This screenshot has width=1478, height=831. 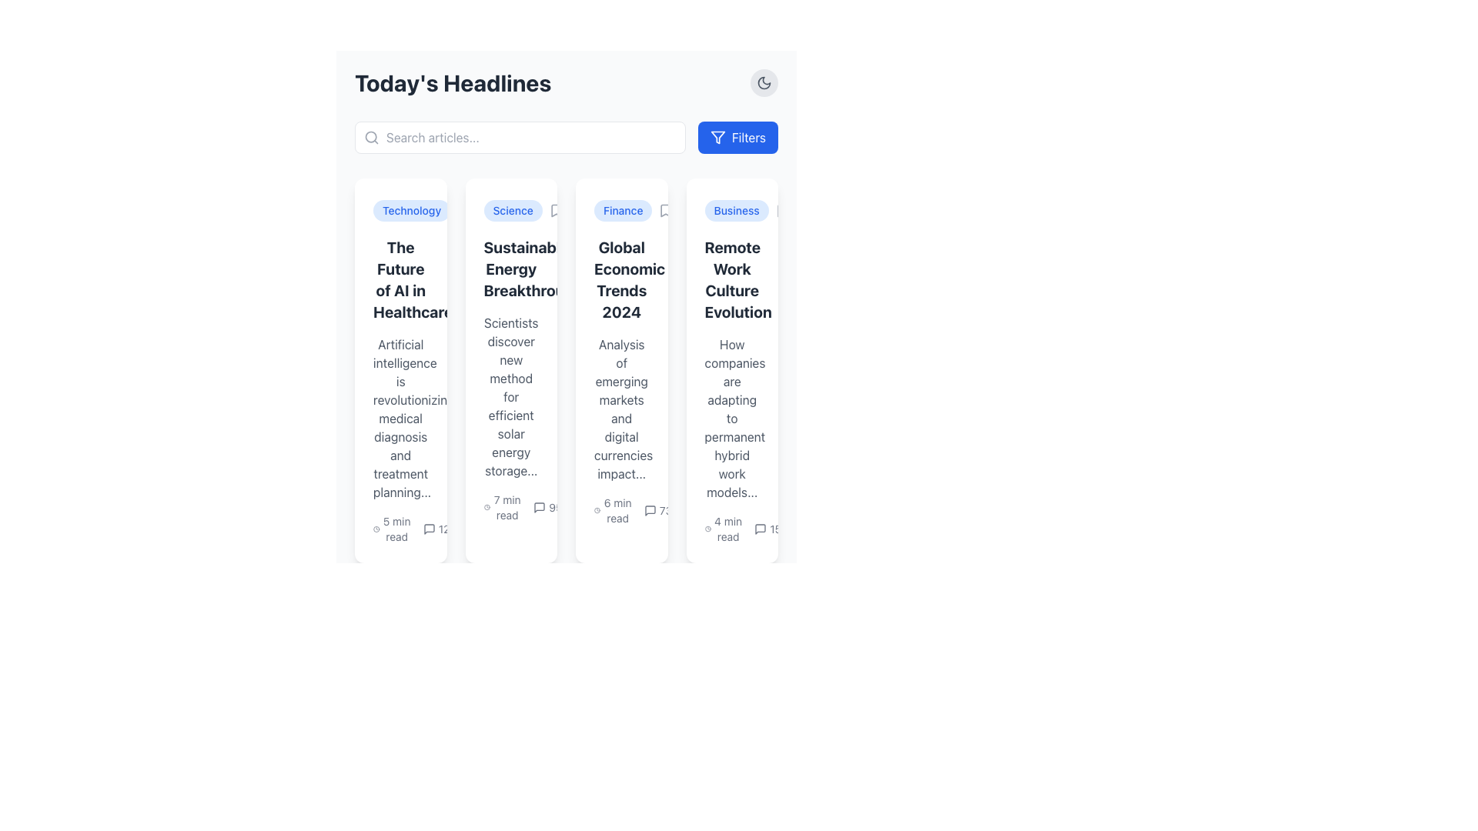 What do you see at coordinates (633, 510) in the screenshot?
I see `the clock icon next to '6 min read' in the Informational Text with Icons element of the 'Global Economic Trends 2024' card` at bounding box center [633, 510].